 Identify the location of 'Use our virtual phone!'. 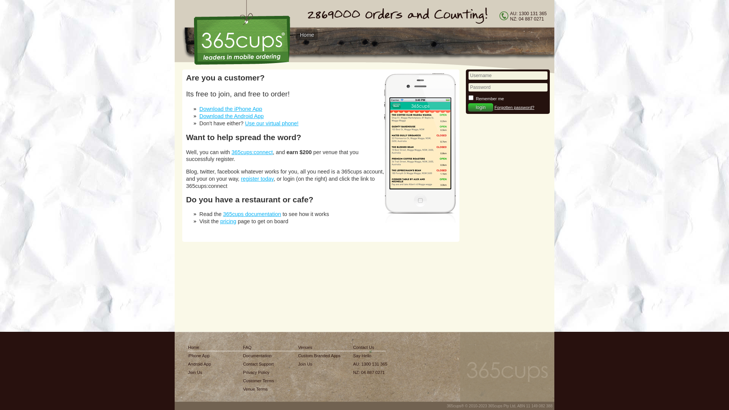
(271, 123).